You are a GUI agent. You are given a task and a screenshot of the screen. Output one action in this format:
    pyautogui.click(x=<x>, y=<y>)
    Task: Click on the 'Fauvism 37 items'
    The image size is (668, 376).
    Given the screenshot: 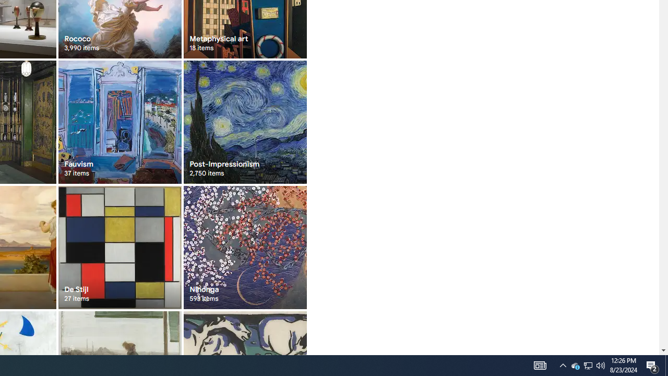 What is the action you would take?
    pyautogui.click(x=120, y=122)
    